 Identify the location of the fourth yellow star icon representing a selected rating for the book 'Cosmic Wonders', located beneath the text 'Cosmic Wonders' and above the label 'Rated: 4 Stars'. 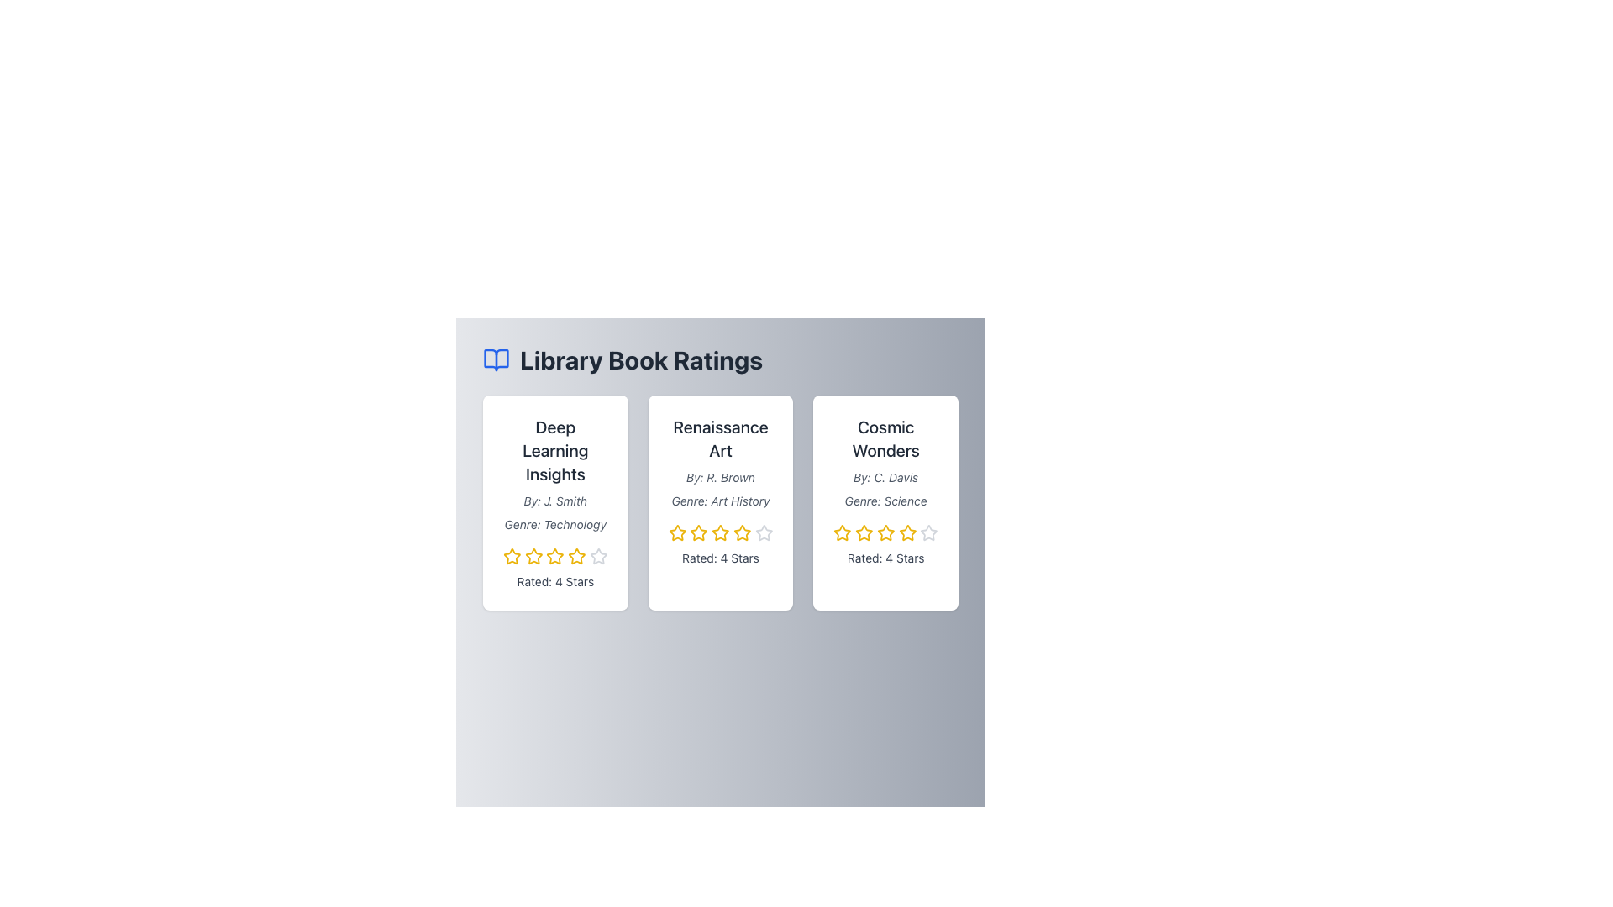
(885, 533).